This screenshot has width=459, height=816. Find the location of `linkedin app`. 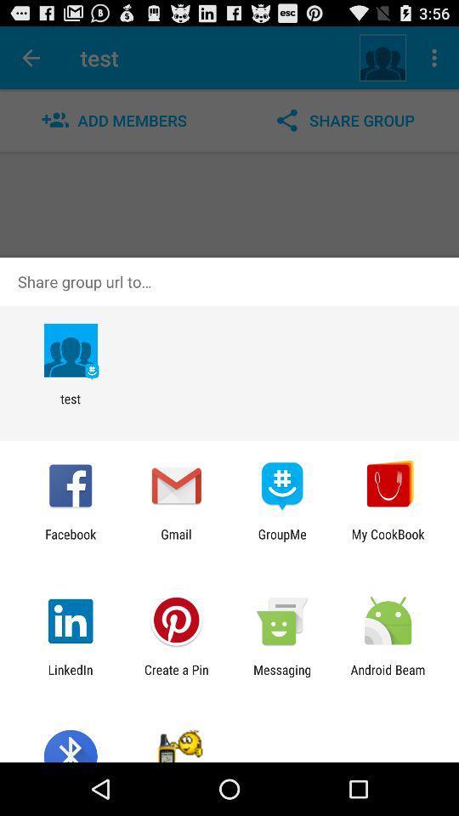

linkedin app is located at coordinates (70, 677).